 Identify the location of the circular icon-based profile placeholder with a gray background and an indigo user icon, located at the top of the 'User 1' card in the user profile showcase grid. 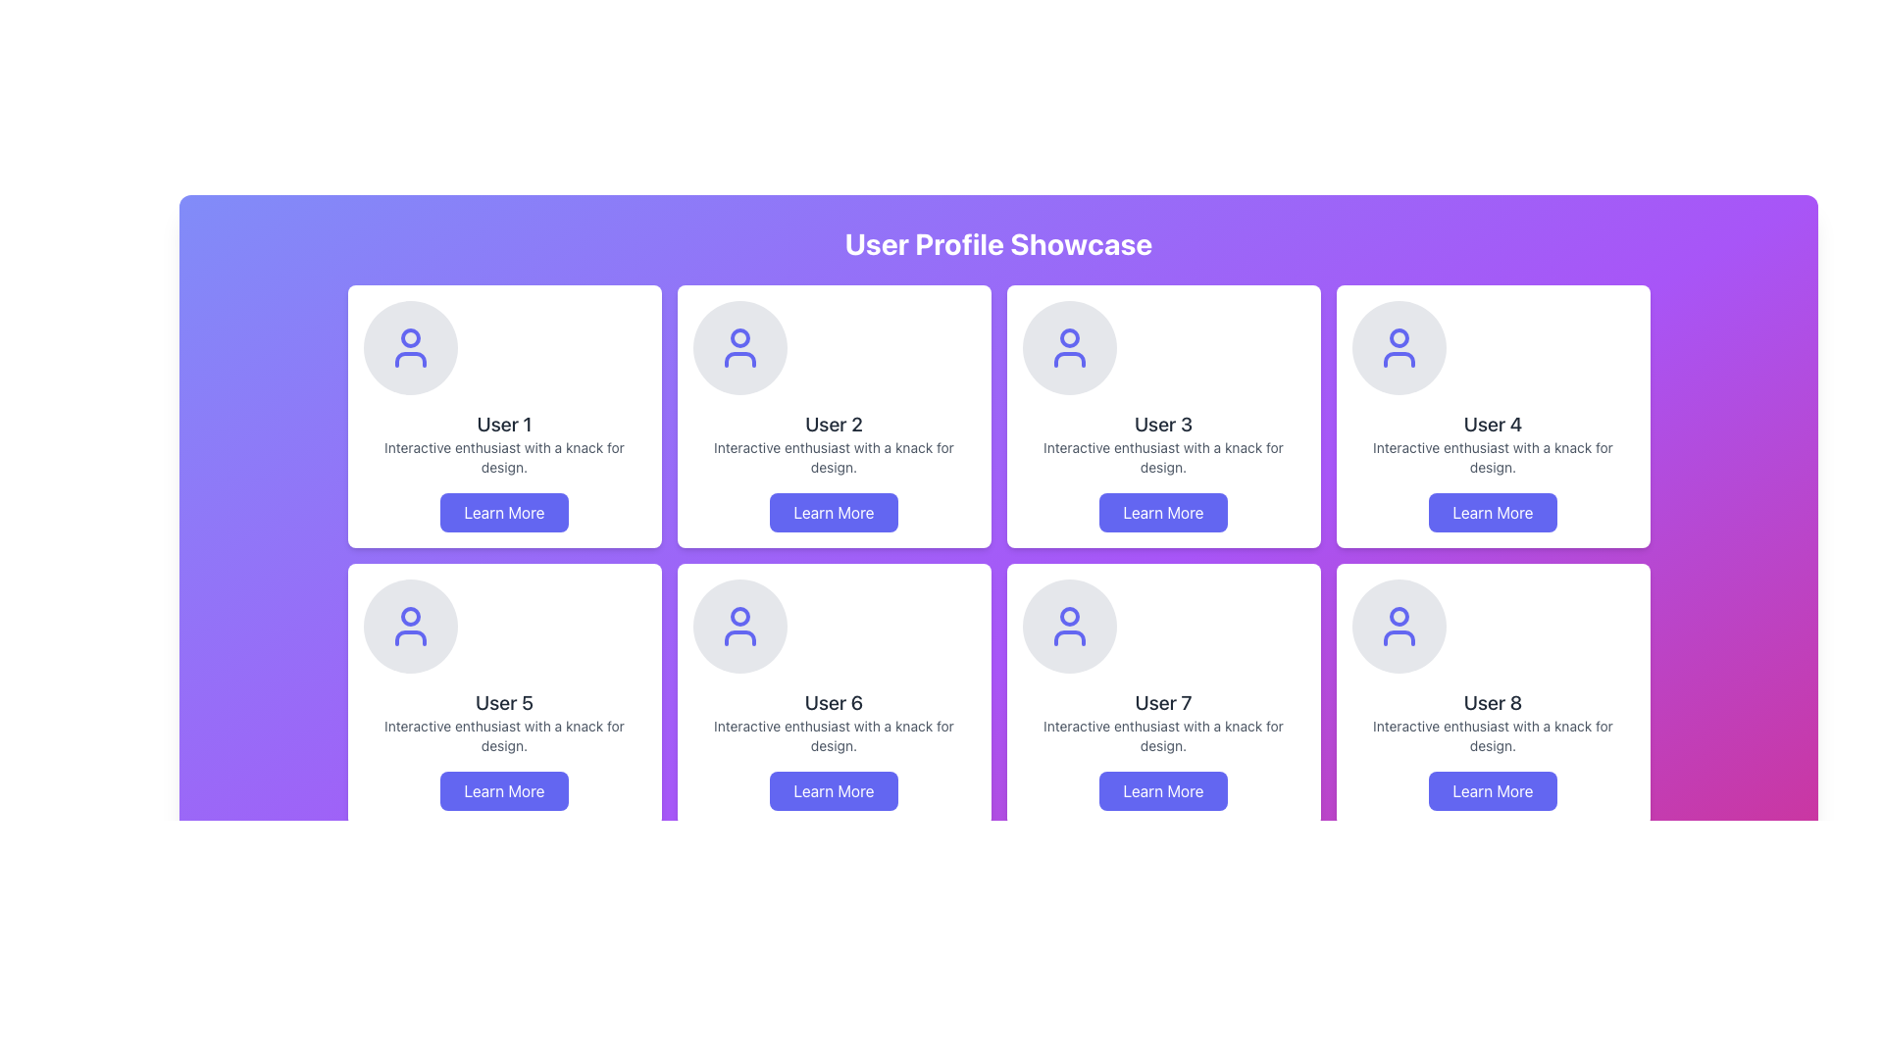
(409, 346).